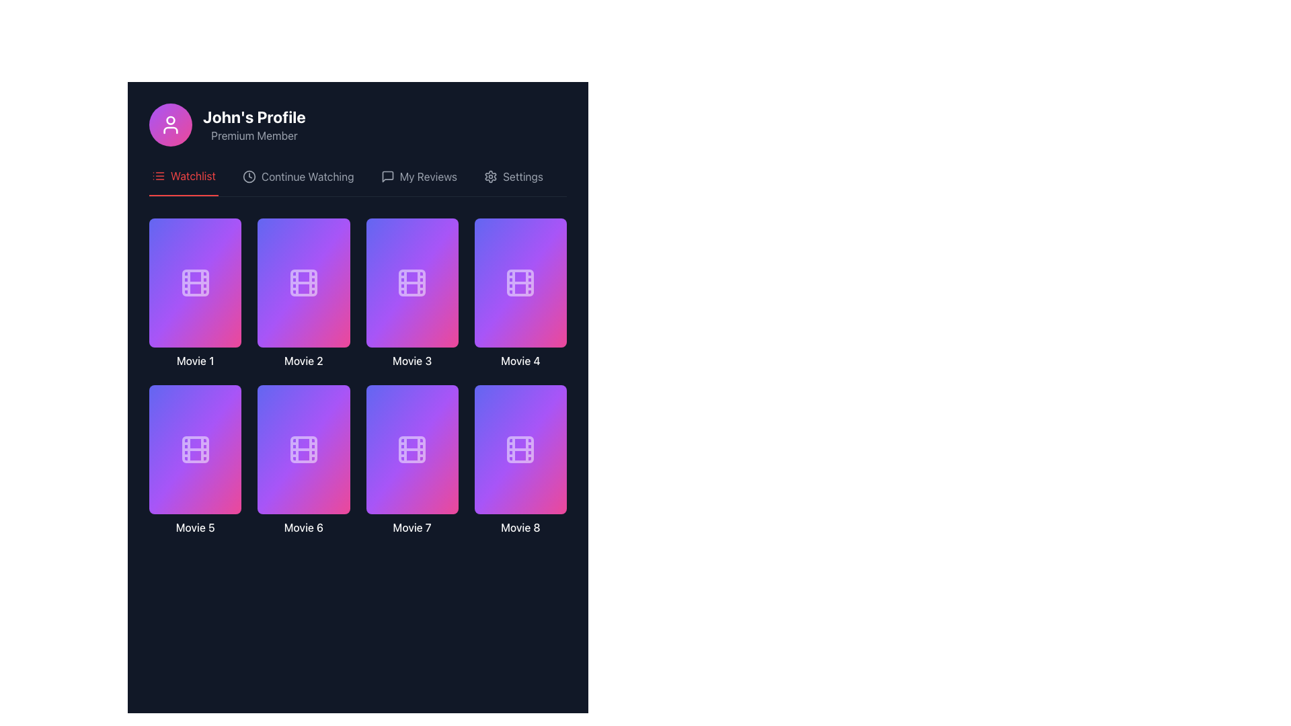 This screenshot has height=726, width=1291. What do you see at coordinates (249, 175) in the screenshot?
I see `the clock icon, which is a circular outline with clock hands, located to the left of the 'Continue Watching' text label in the tab bar` at bounding box center [249, 175].